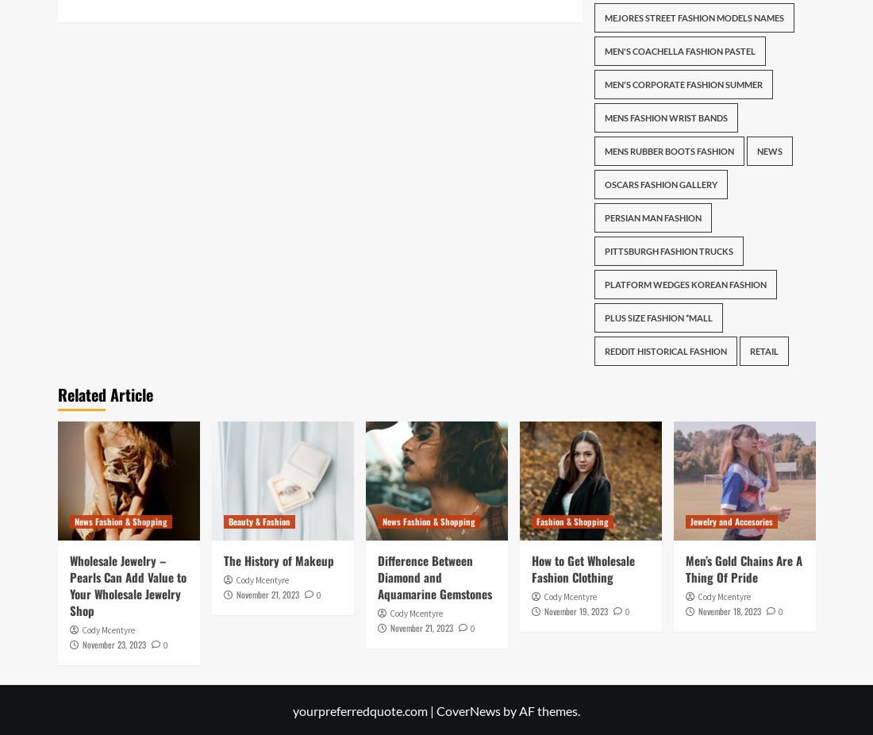 This screenshot has width=873, height=735. I want to click on 'Mens Fashion Wrist Bands', so click(664, 117).